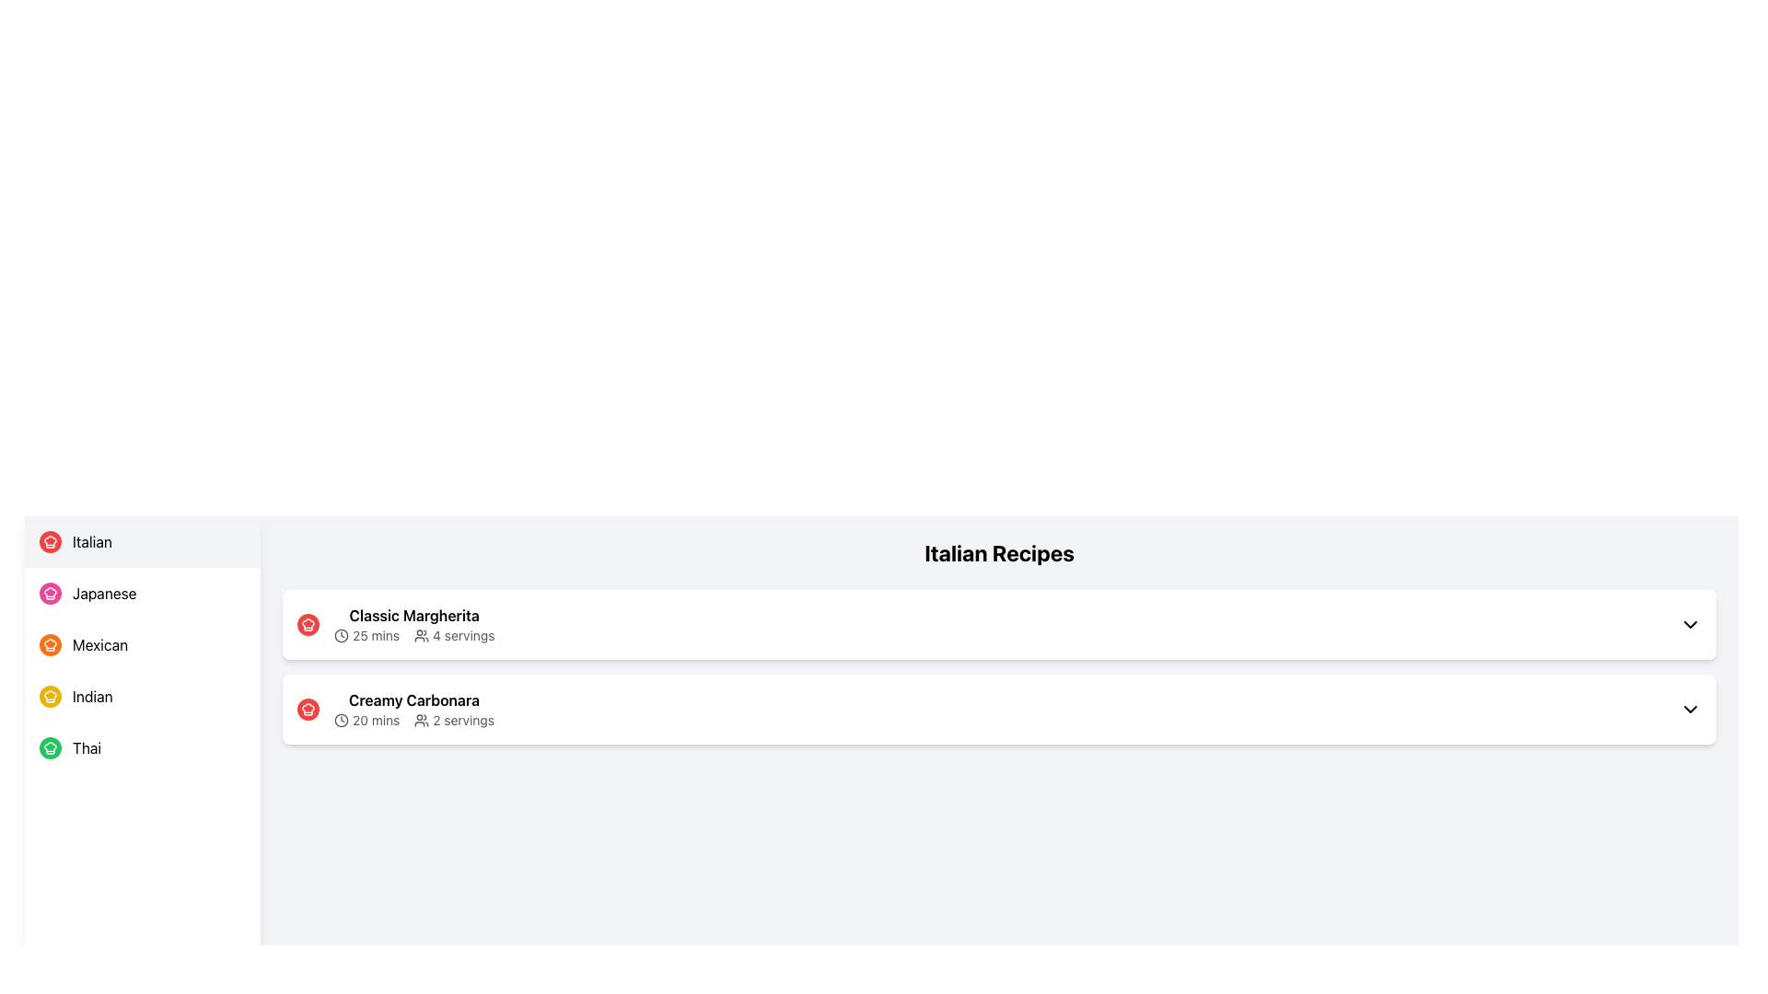 The width and height of the screenshot is (1768, 994). What do you see at coordinates (308, 709) in the screenshot?
I see `the chef hat icon representing the 'Creamy Carbonara' recipe, located at the leftmost position of the row to provide more information or functionality` at bounding box center [308, 709].